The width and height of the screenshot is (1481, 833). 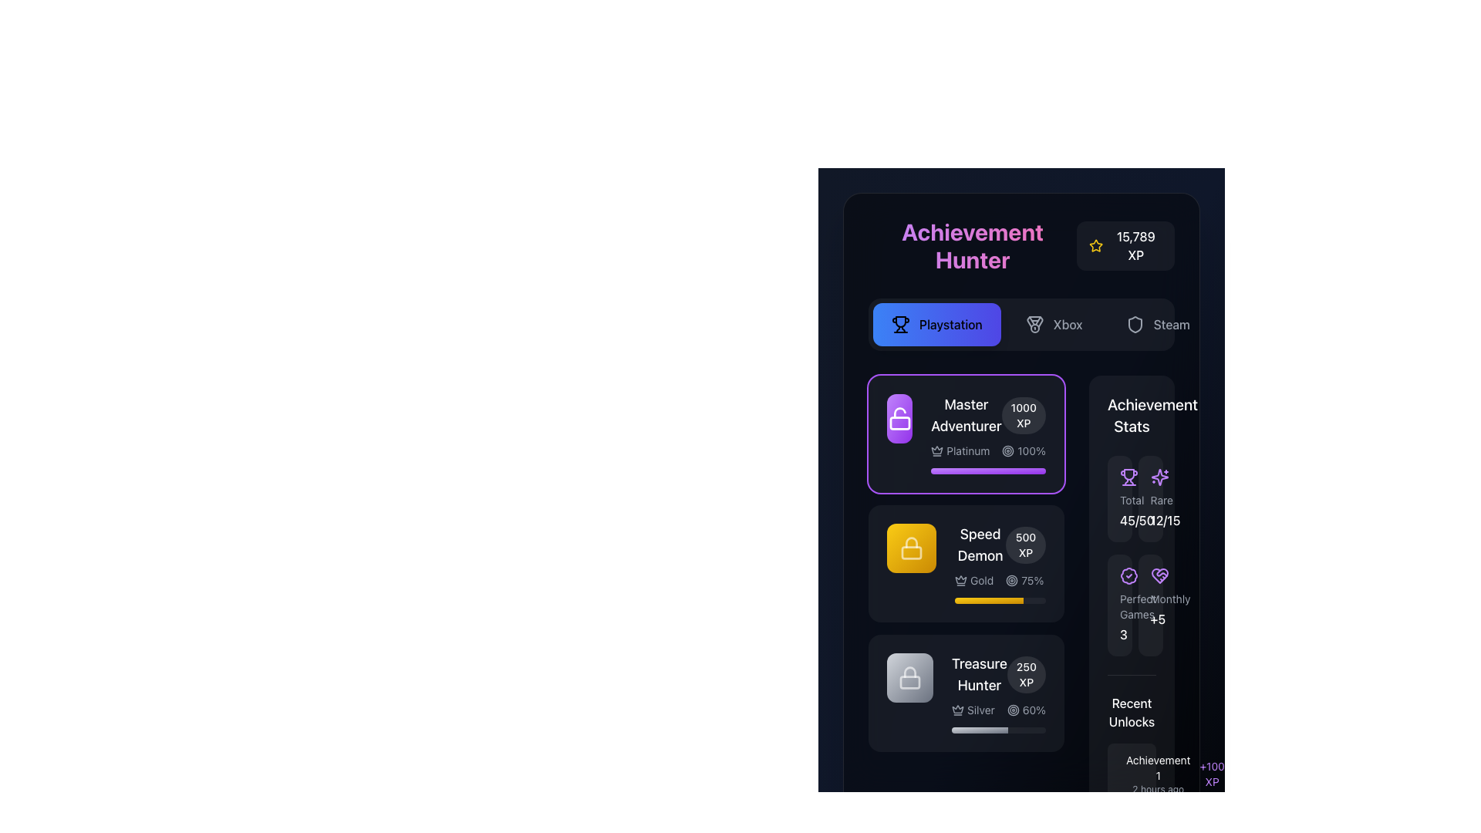 I want to click on the current progress level of the Progress bar located below the 'Master Adventurer' section, which visually represents the completion level of a task, so click(x=989, y=600).